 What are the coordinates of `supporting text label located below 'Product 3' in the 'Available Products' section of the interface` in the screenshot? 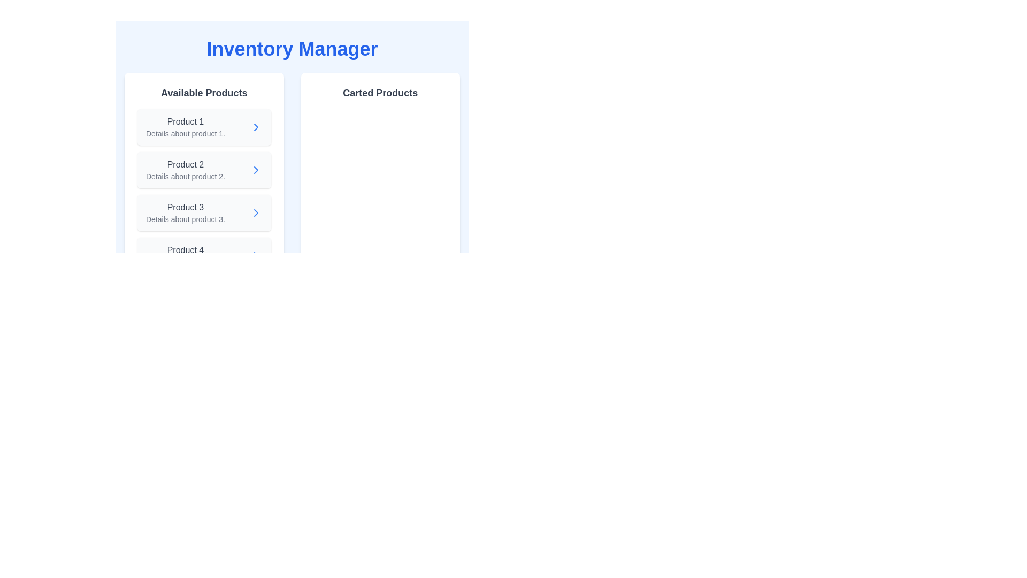 It's located at (185, 218).